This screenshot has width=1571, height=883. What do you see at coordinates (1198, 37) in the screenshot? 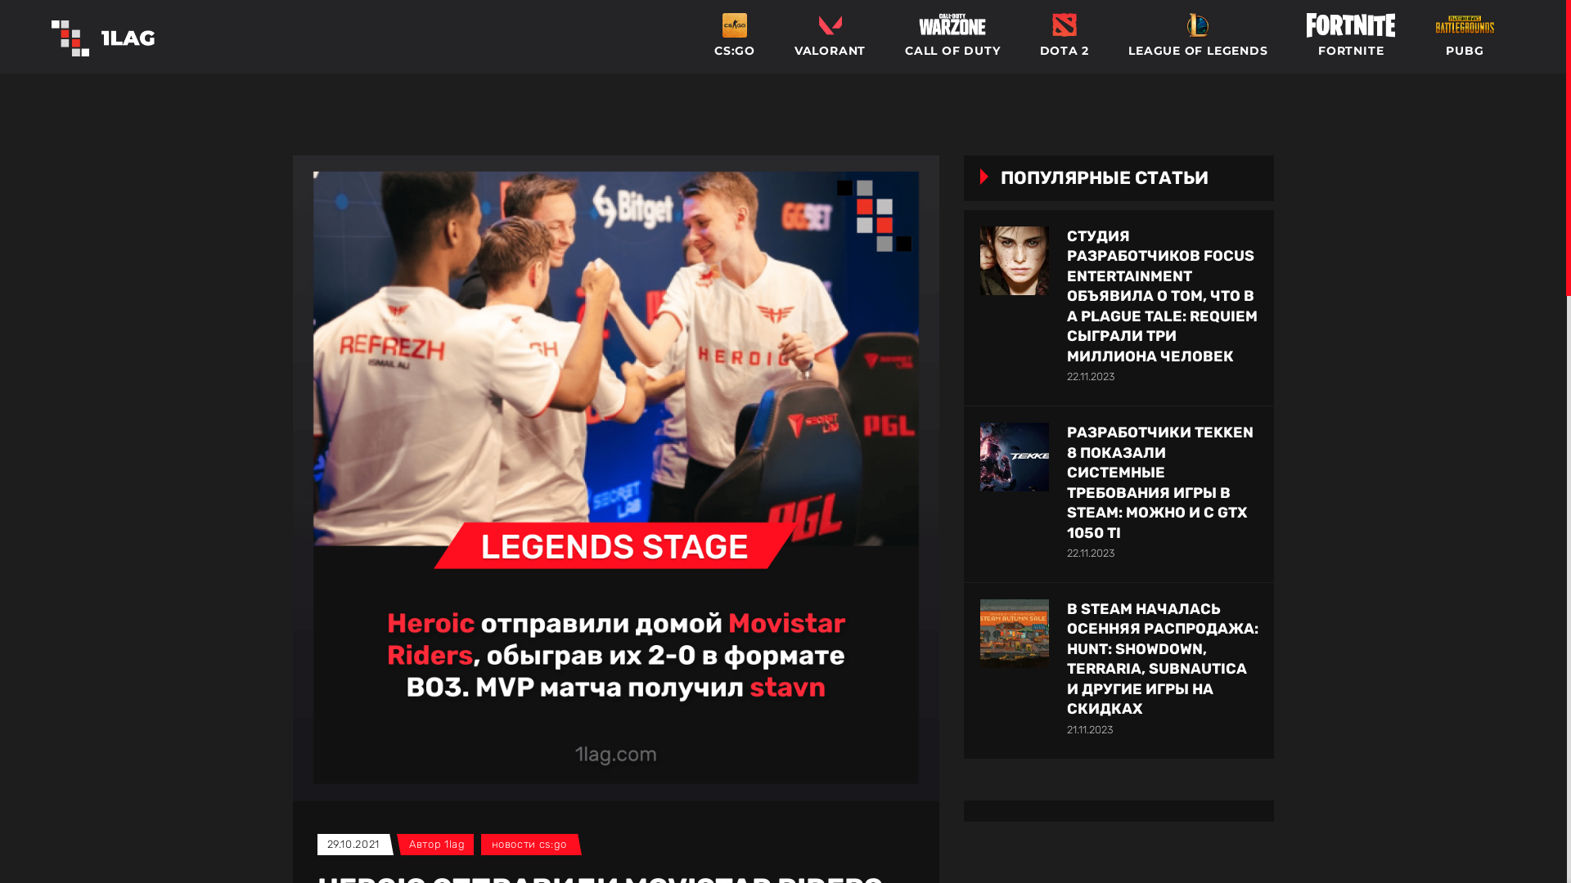
I see `'LEAGUE OF LEGENDS'` at bounding box center [1198, 37].